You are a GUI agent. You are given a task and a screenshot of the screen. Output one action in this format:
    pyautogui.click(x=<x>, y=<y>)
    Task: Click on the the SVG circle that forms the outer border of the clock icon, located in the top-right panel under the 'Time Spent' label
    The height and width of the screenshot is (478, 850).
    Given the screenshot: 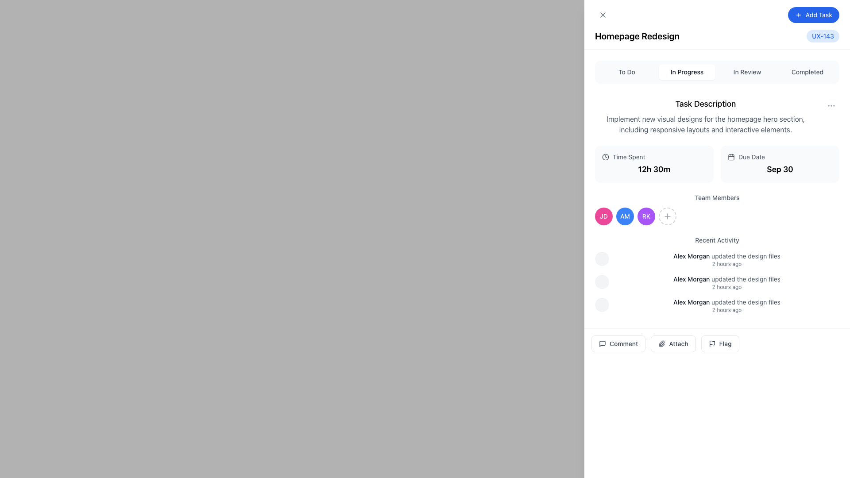 What is the action you would take?
    pyautogui.click(x=605, y=156)
    